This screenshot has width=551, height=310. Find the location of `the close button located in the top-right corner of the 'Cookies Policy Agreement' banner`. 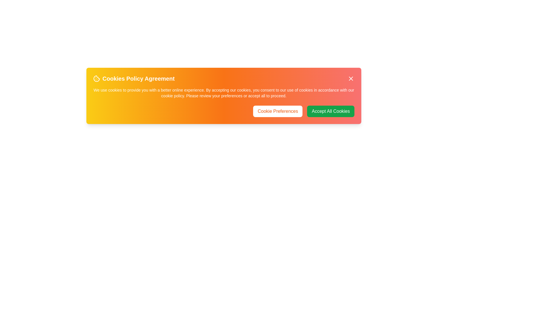

the close button located in the top-right corner of the 'Cookies Policy Agreement' banner is located at coordinates (351, 78).